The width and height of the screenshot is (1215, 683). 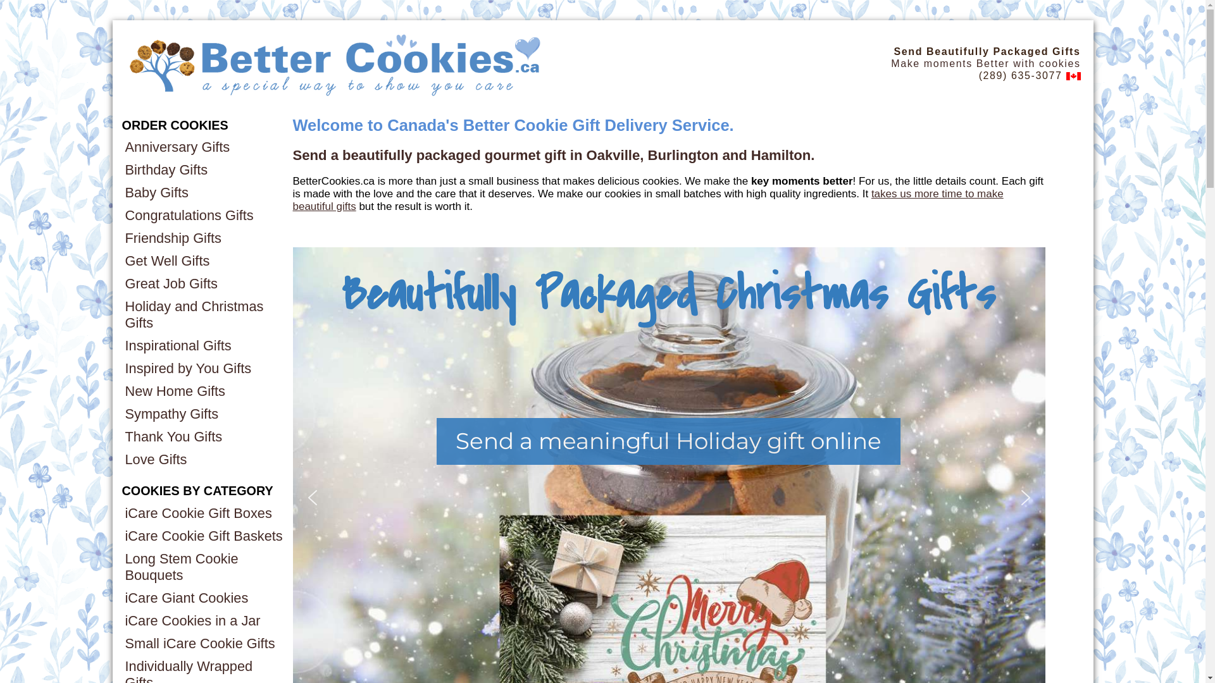 I want to click on 'Baby Gifts', so click(x=203, y=192).